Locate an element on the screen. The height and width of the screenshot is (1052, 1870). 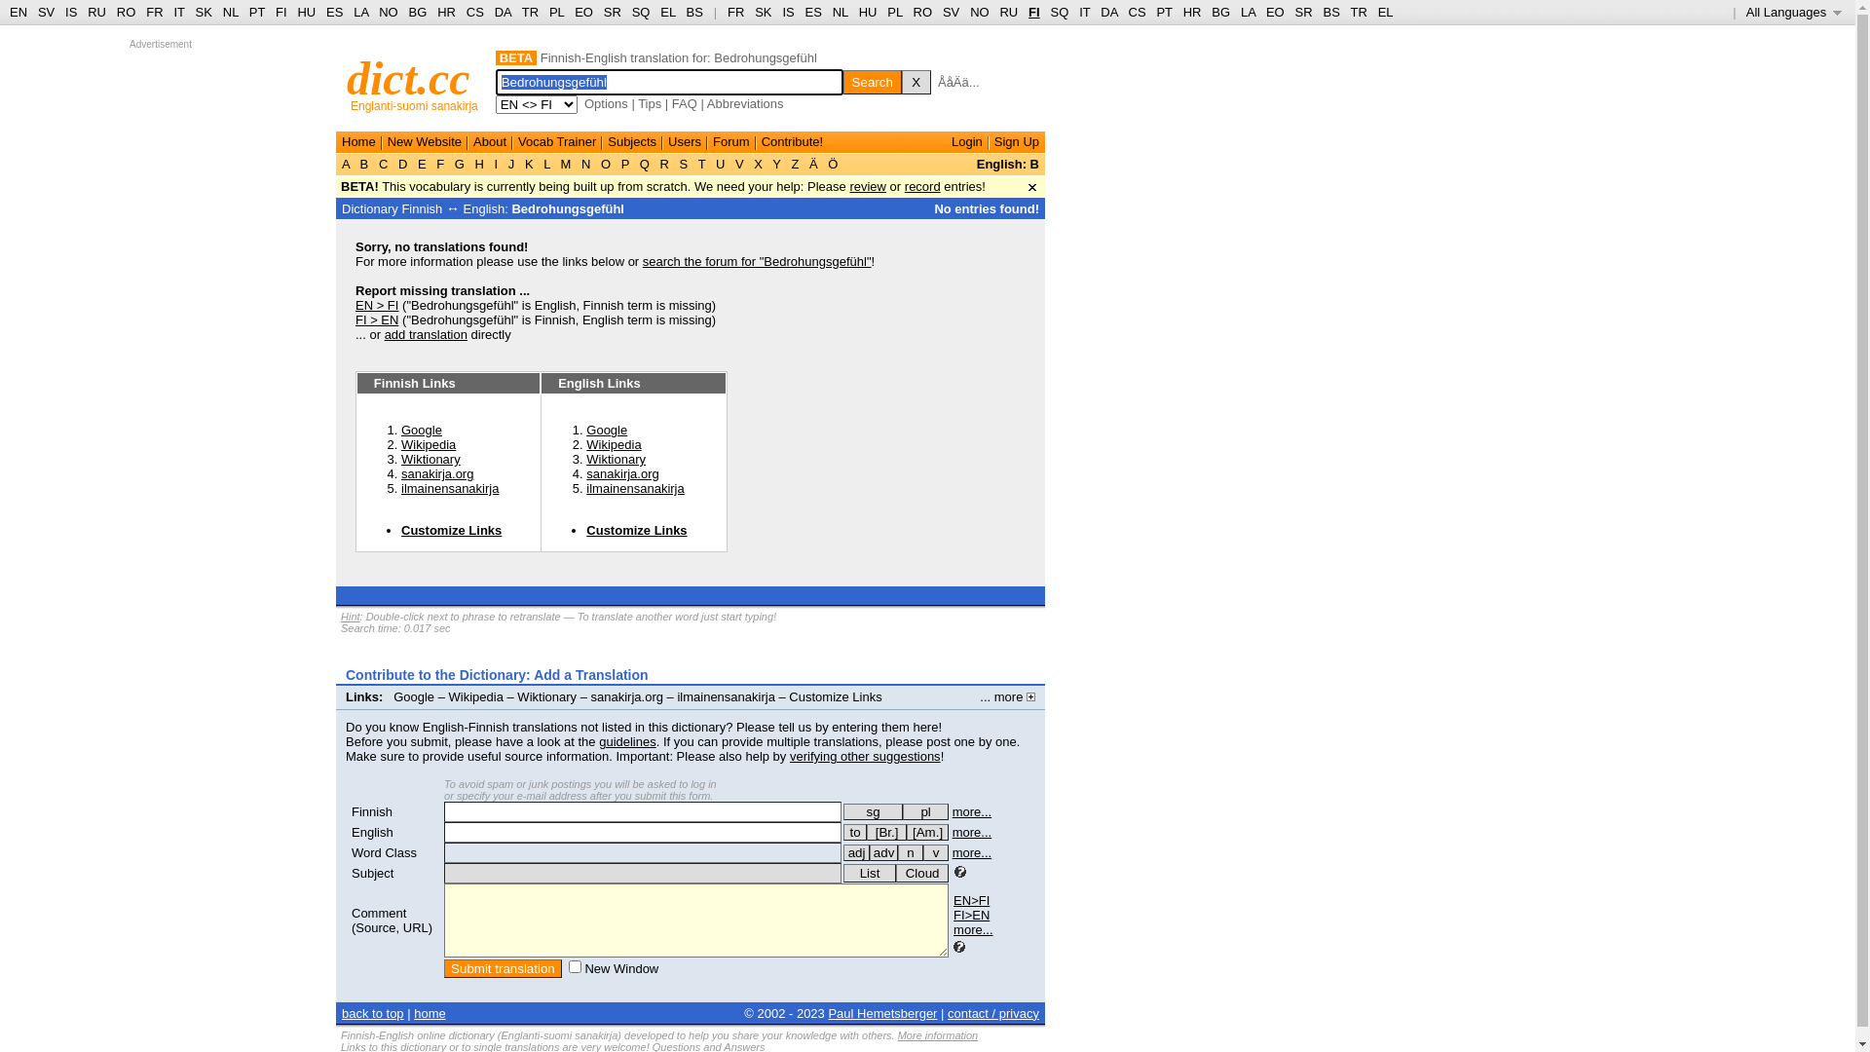
'RU' is located at coordinates (1008, 12).